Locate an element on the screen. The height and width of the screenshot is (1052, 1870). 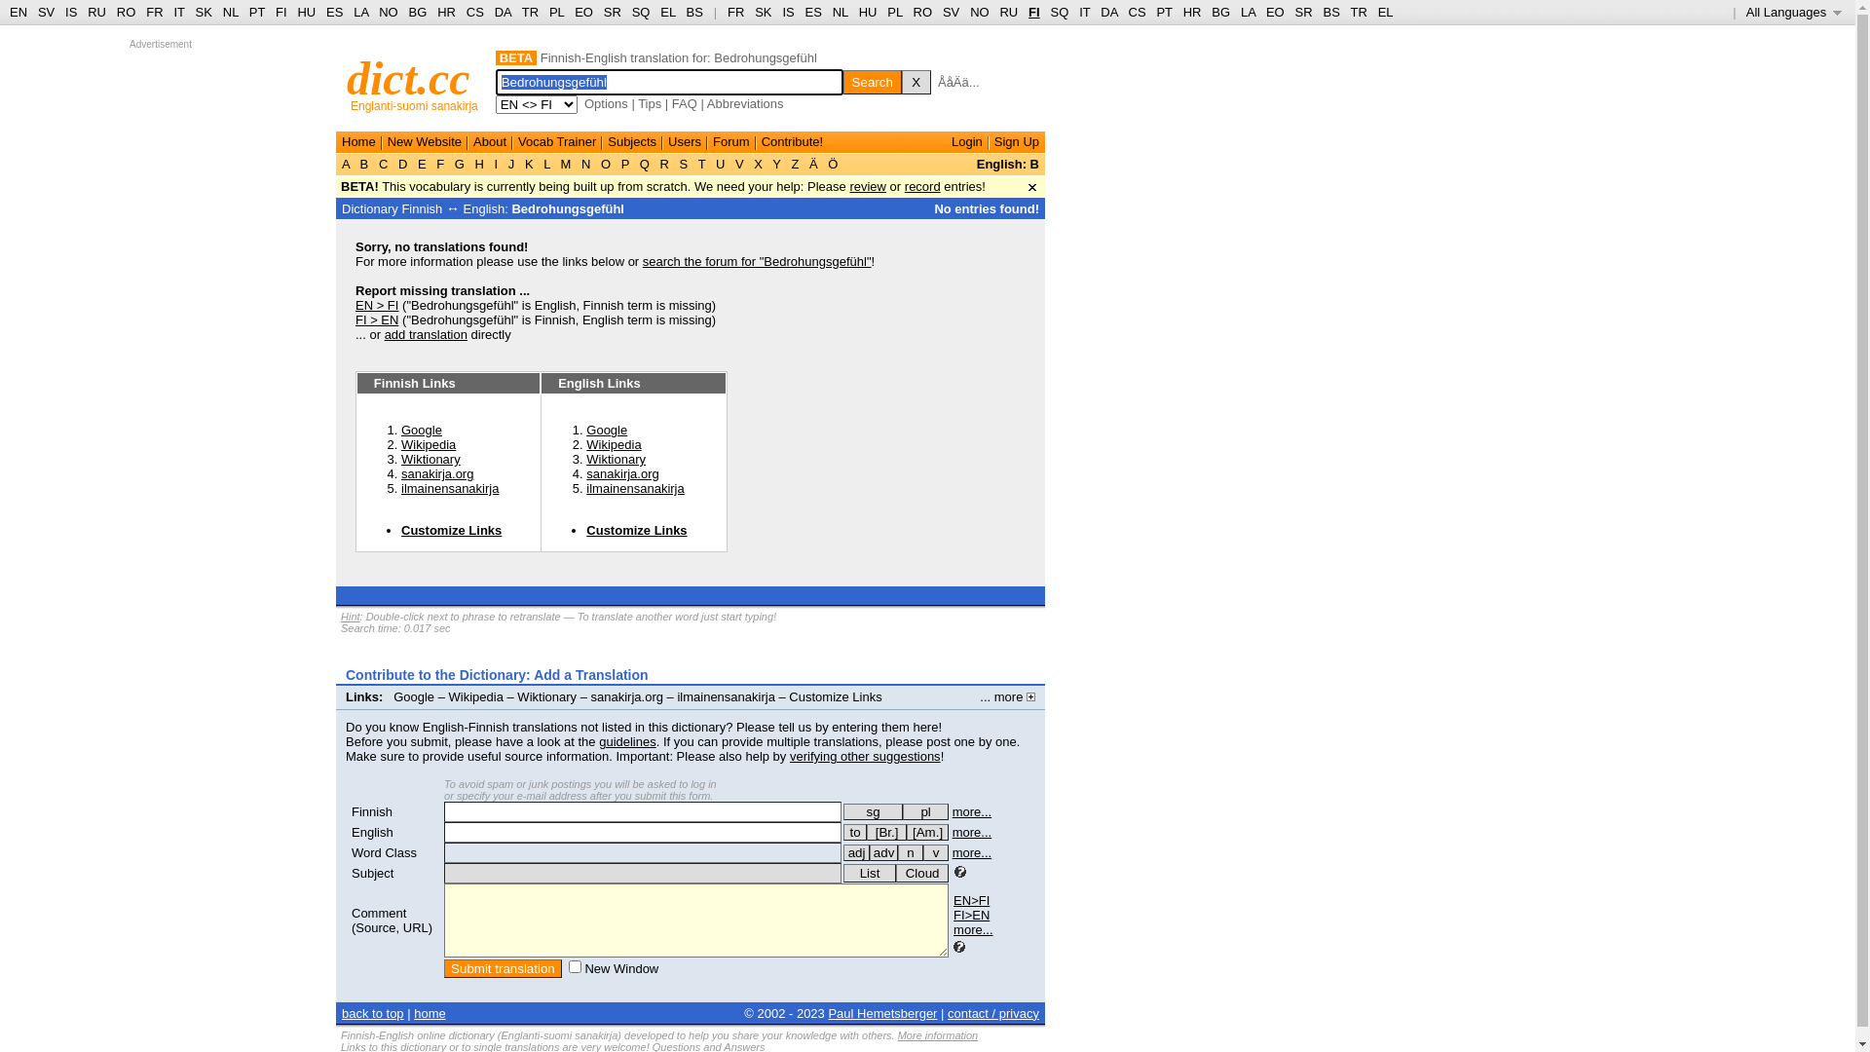
'RU' is located at coordinates (1008, 12).